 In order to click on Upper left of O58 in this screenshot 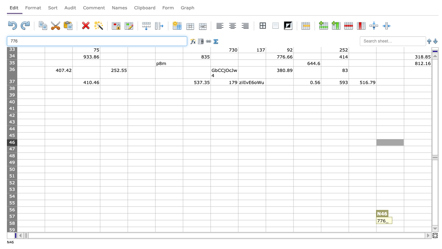, I will do `click(404, 220)`.